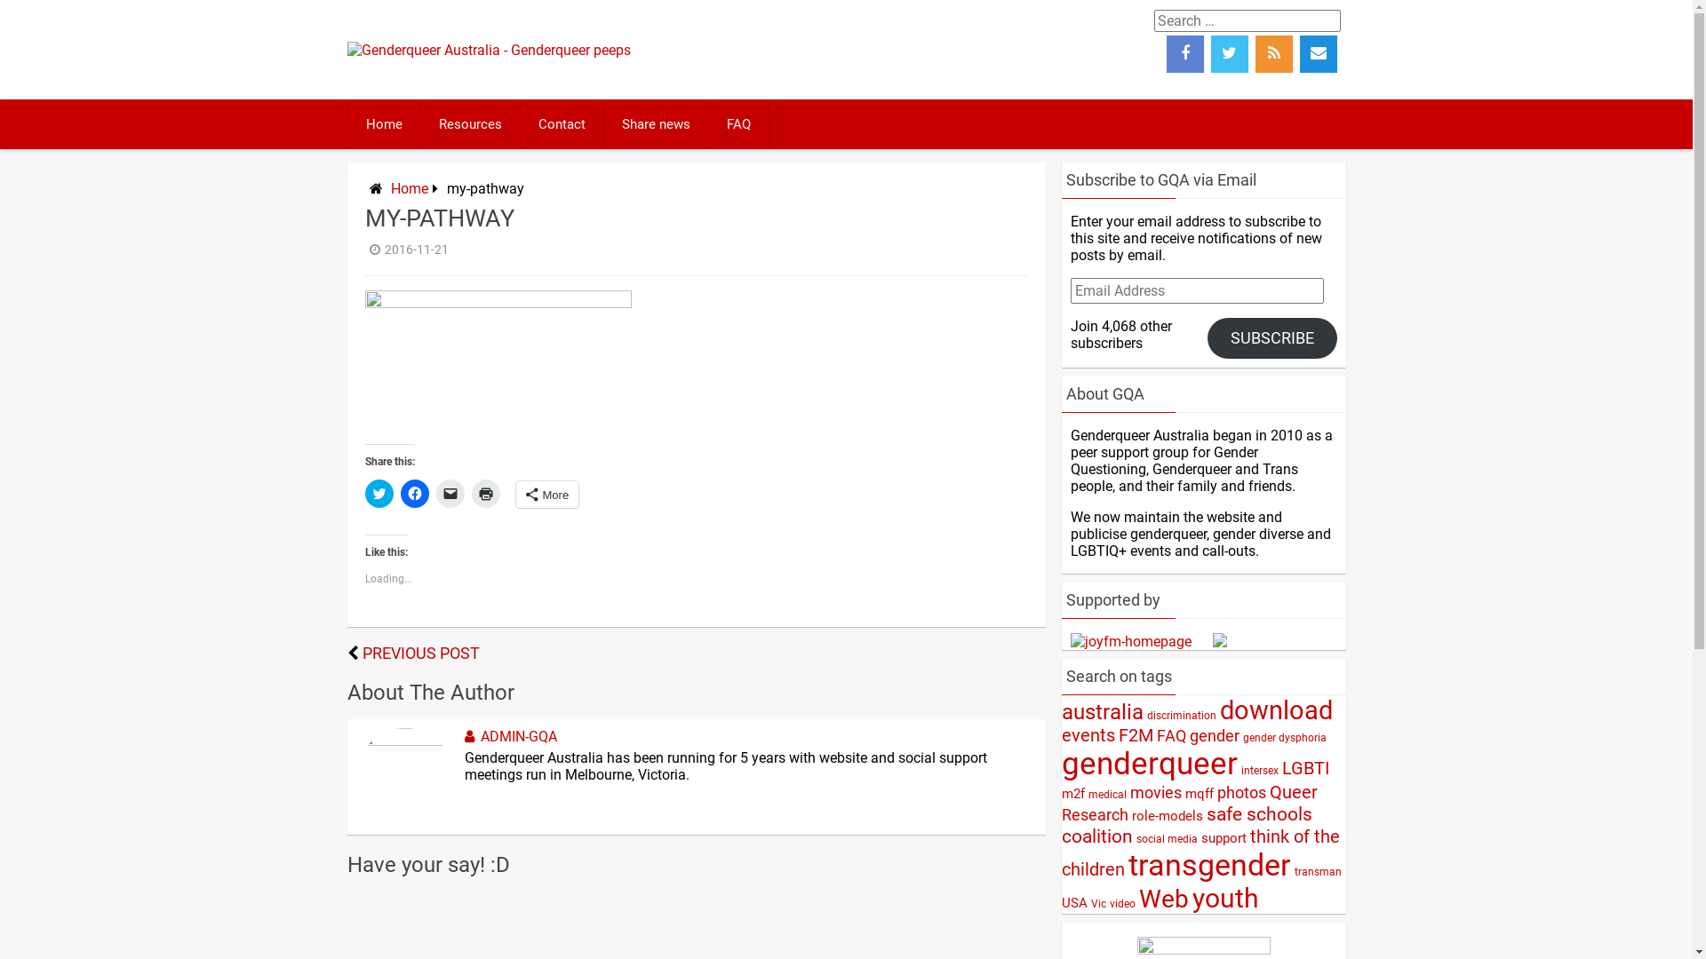  I want to click on 'support', so click(1223, 838).